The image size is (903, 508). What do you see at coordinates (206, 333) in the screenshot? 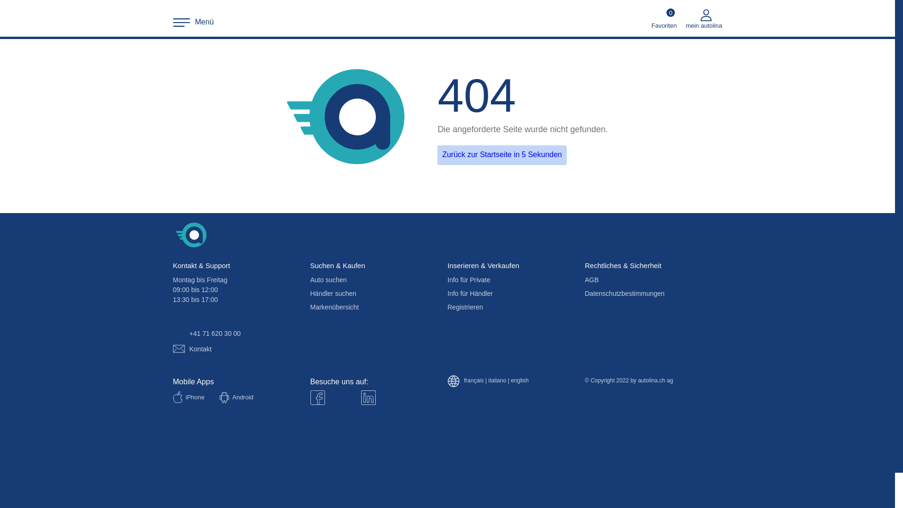
I see `'+41 71 620 30 00'` at bounding box center [206, 333].